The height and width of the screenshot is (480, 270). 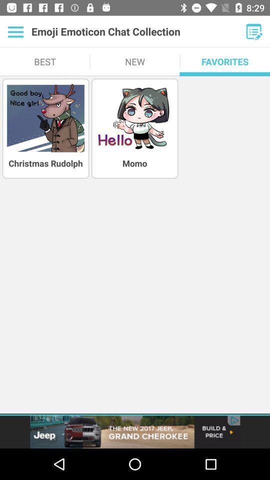 What do you see at coordinates (254, 31) in the screenshot?
I see `edit option` at bounding box center [254, 31].